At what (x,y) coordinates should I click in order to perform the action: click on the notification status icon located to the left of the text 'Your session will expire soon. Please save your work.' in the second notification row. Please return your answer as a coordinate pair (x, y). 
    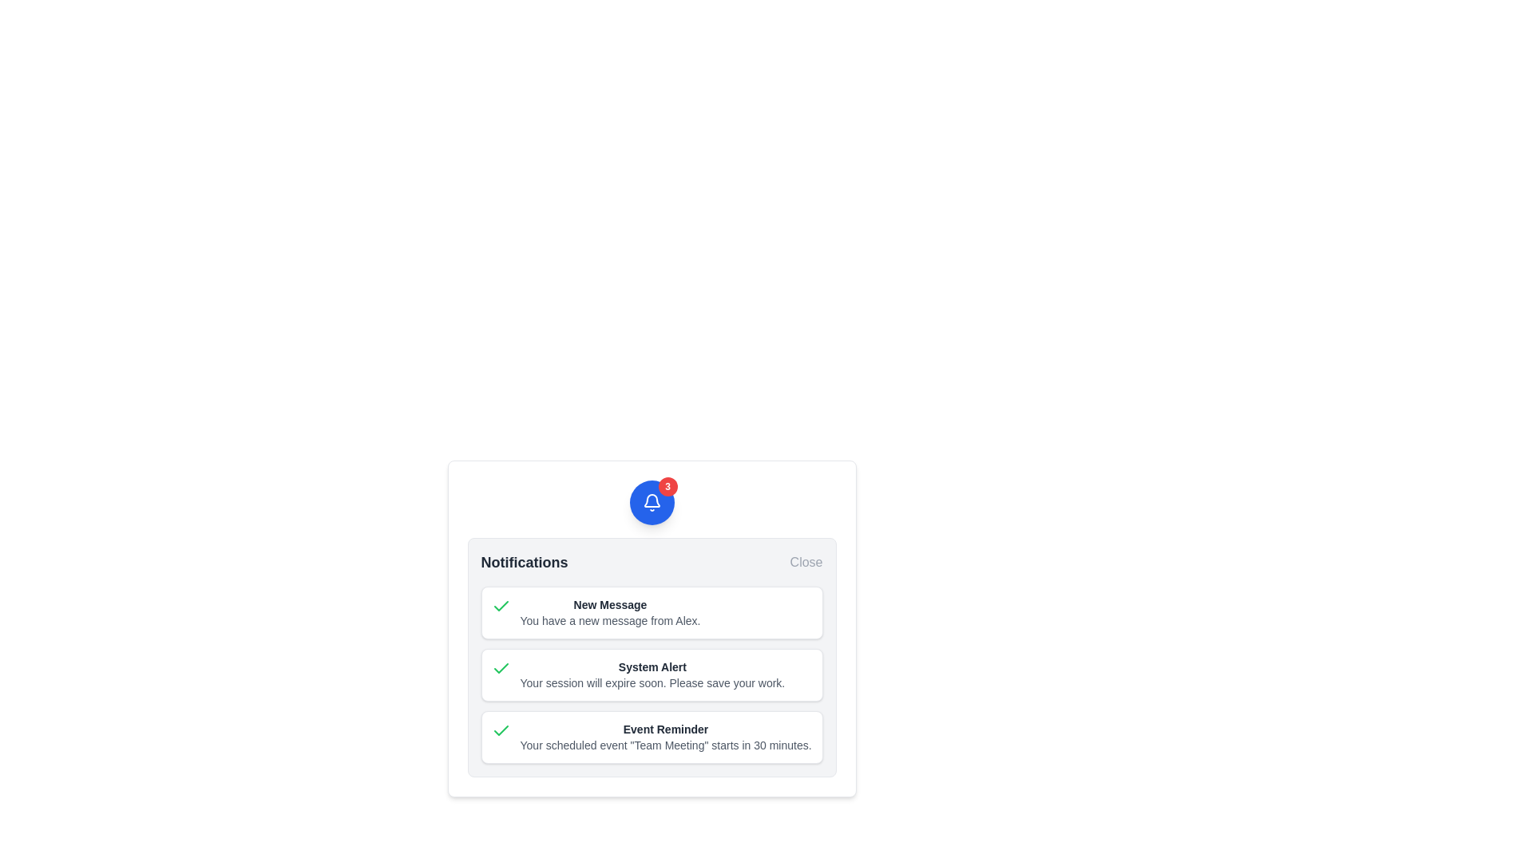
    Looking at the image, I should click on (500, 606).